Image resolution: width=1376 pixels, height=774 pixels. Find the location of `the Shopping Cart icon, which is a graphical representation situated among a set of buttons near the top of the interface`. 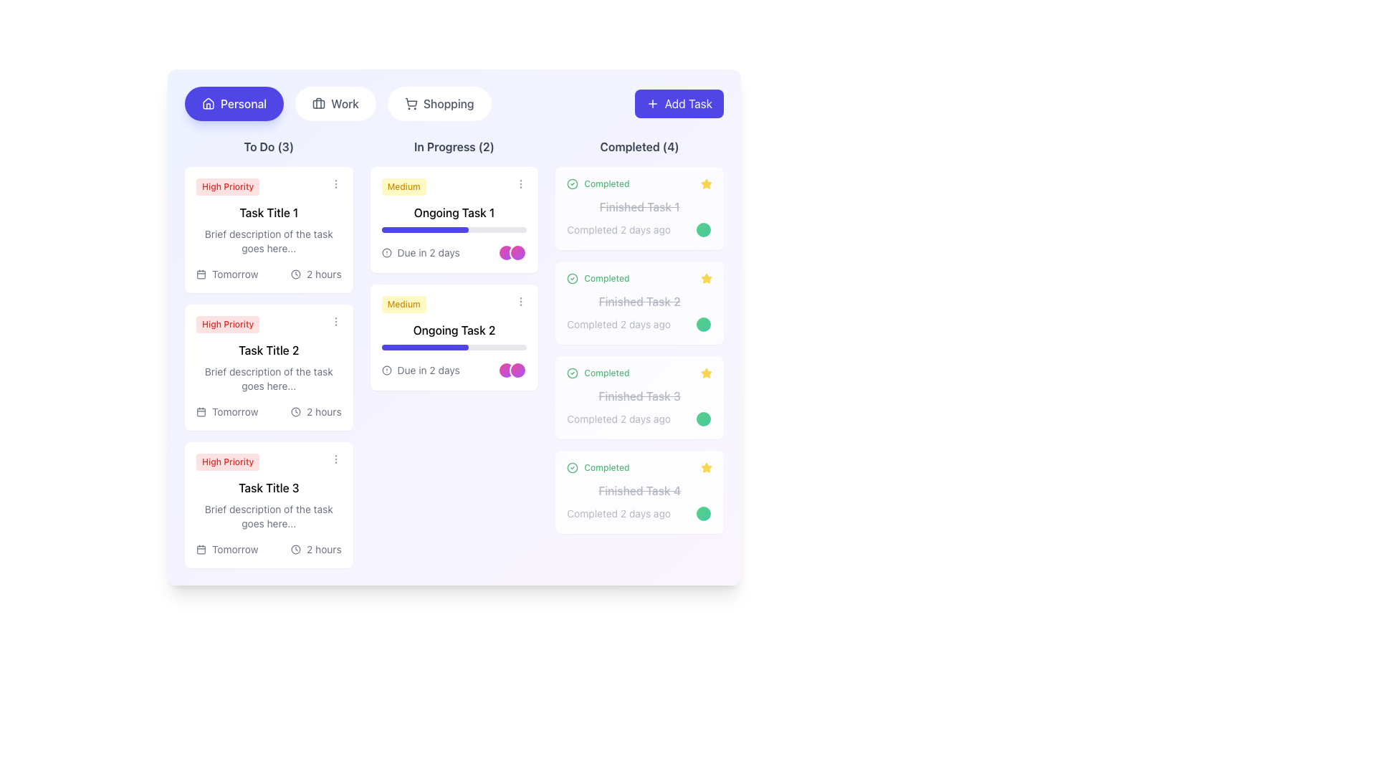

the Shopping Cart icon, which is a graphical representation situated among a set of buttons near the top of the interface is located at coordinates (410, 101).